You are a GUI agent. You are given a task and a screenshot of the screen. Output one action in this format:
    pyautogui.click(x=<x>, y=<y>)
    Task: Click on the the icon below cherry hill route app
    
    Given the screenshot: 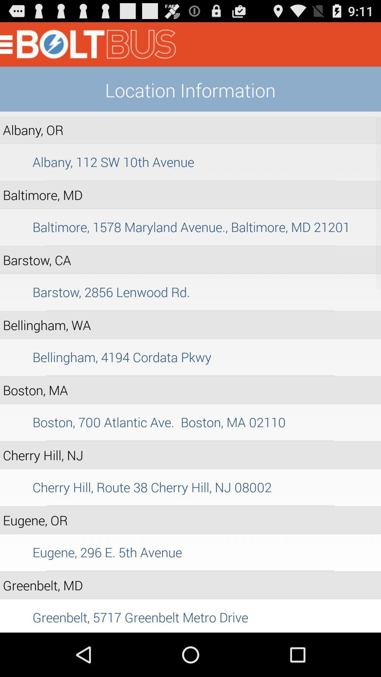 What is the action you would take?
    pyautogui.click(x=190, y=505)
    